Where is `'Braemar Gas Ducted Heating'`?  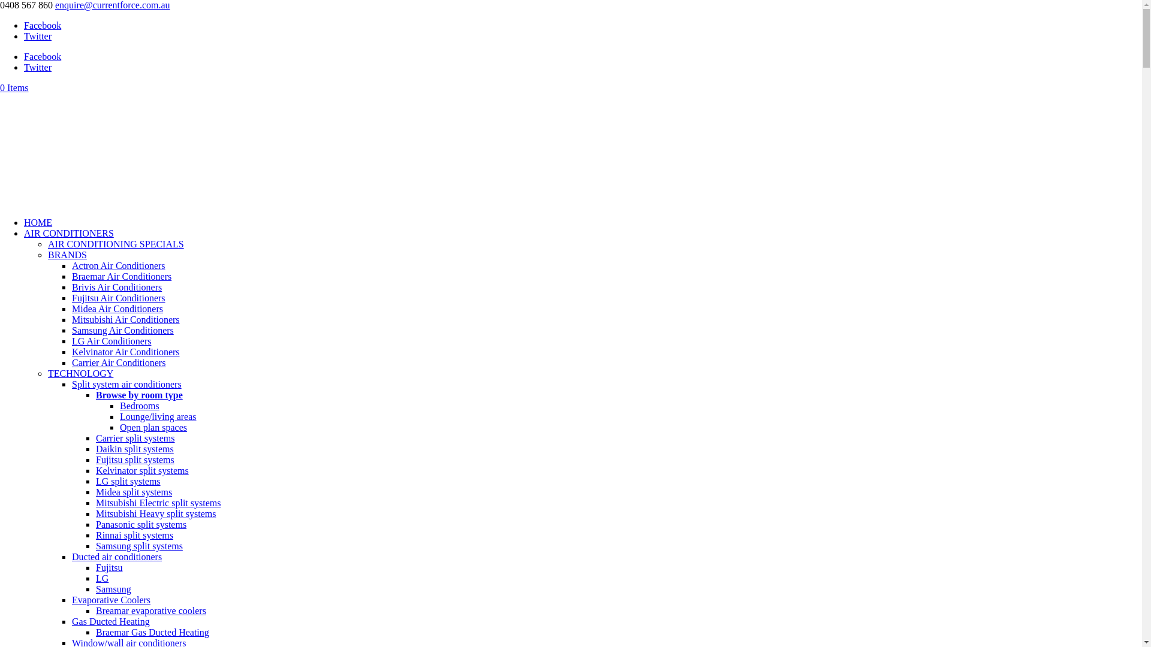
'Braemar Gas Ducted Heating' is located at coordinates (152, 631).